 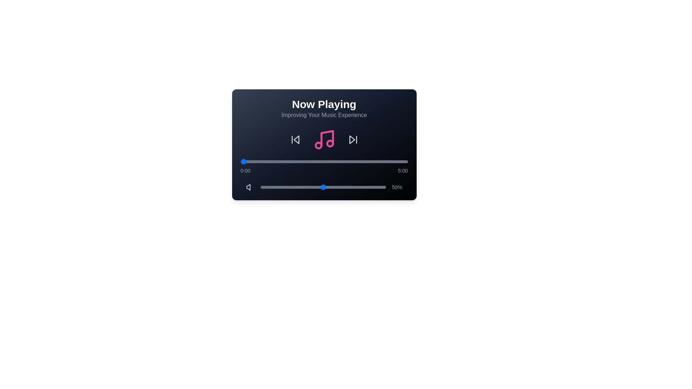 What do you see at coordinates (297, 161) in the screenshot?
I see `the playback progress to 101 seconds` at bounding box center [297, 161].